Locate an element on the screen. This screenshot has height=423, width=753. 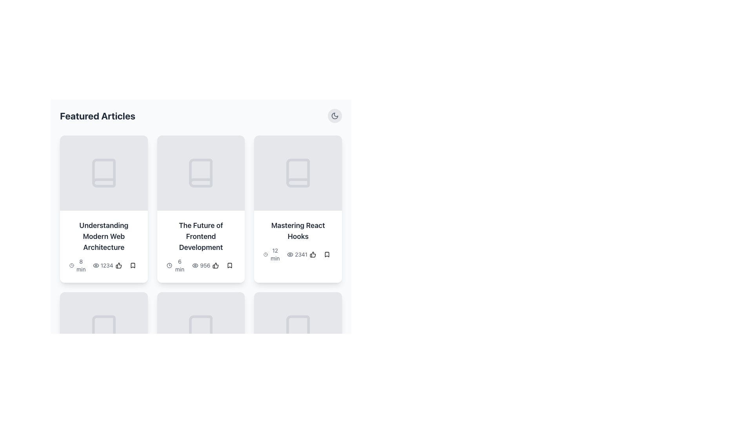
metadata display row containing the text '12 min' and the eye icon with the number '2341', located at the bottom section of the card titled 'Mastering React Hooks' is located at coordinates (298, 255).